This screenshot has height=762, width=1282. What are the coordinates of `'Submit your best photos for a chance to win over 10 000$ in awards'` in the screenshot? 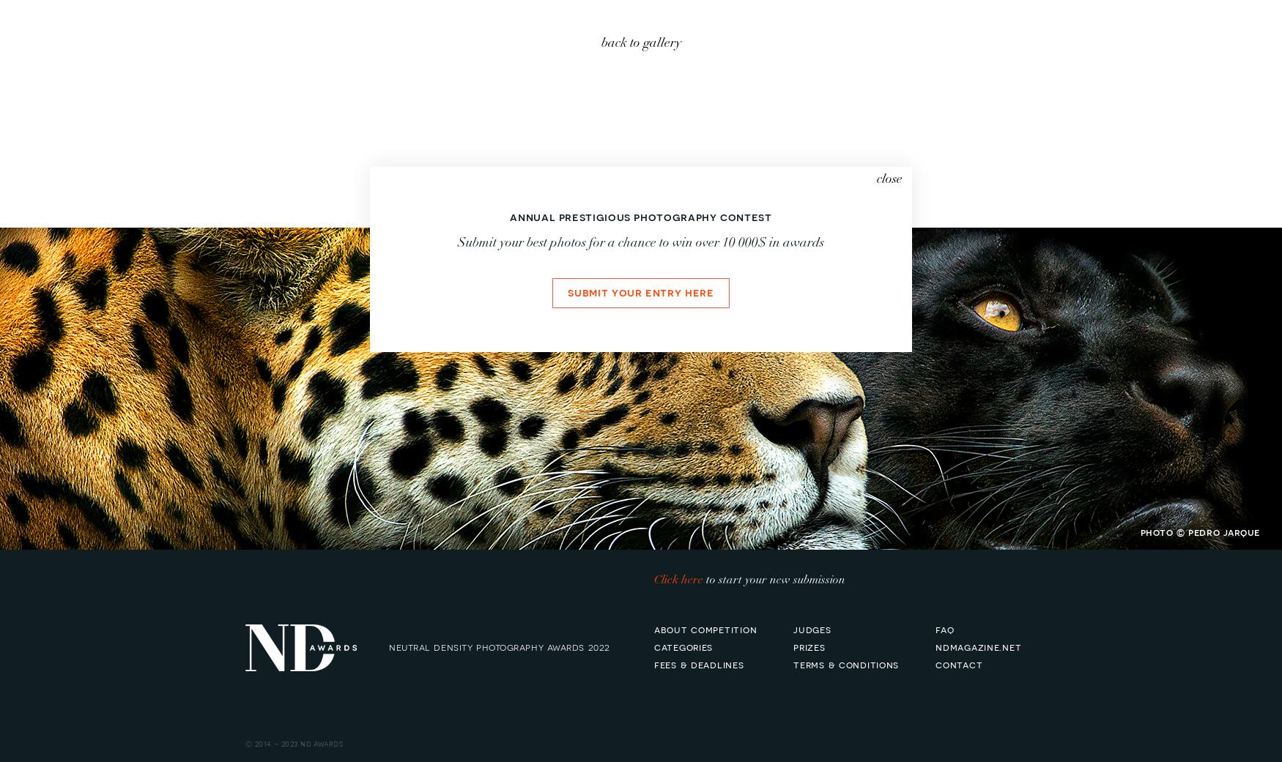 It's located at (641, 244).